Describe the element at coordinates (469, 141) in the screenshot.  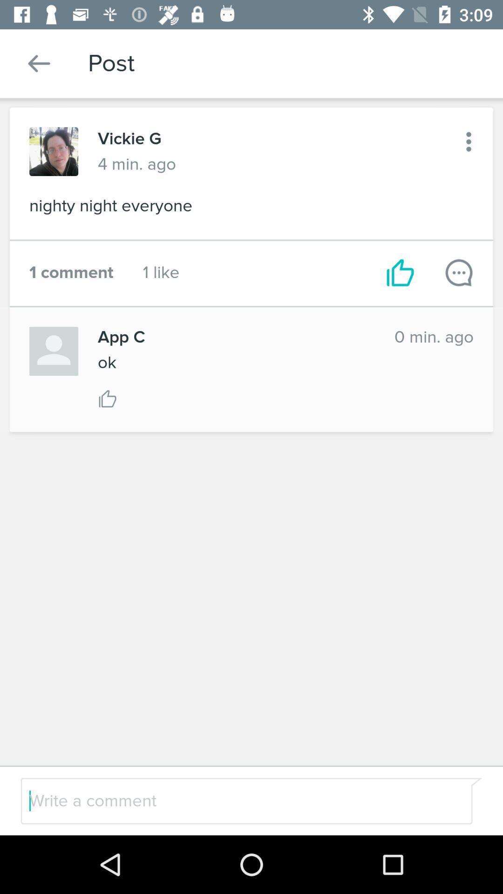
I see `the item above nighty night everyone item` at that location.